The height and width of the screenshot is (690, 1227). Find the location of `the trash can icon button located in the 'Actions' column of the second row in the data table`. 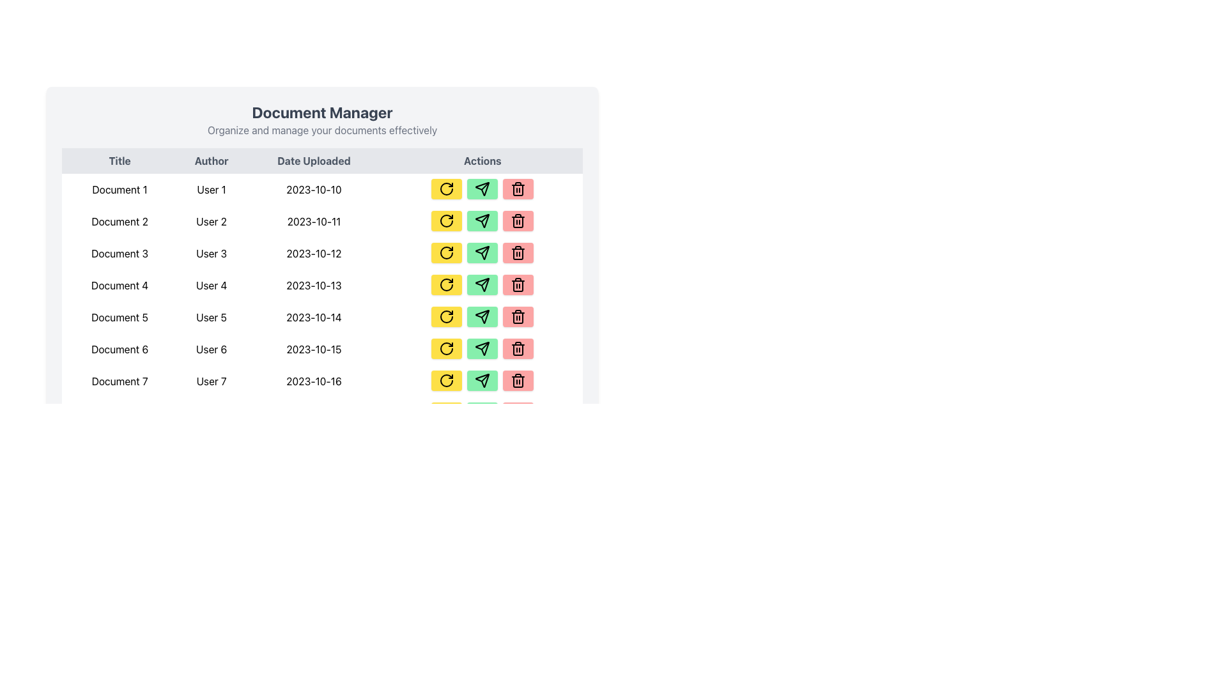

the trash can icon button located in the 'Actions' column of the second row in the data table is located at coordinates (518, 220).